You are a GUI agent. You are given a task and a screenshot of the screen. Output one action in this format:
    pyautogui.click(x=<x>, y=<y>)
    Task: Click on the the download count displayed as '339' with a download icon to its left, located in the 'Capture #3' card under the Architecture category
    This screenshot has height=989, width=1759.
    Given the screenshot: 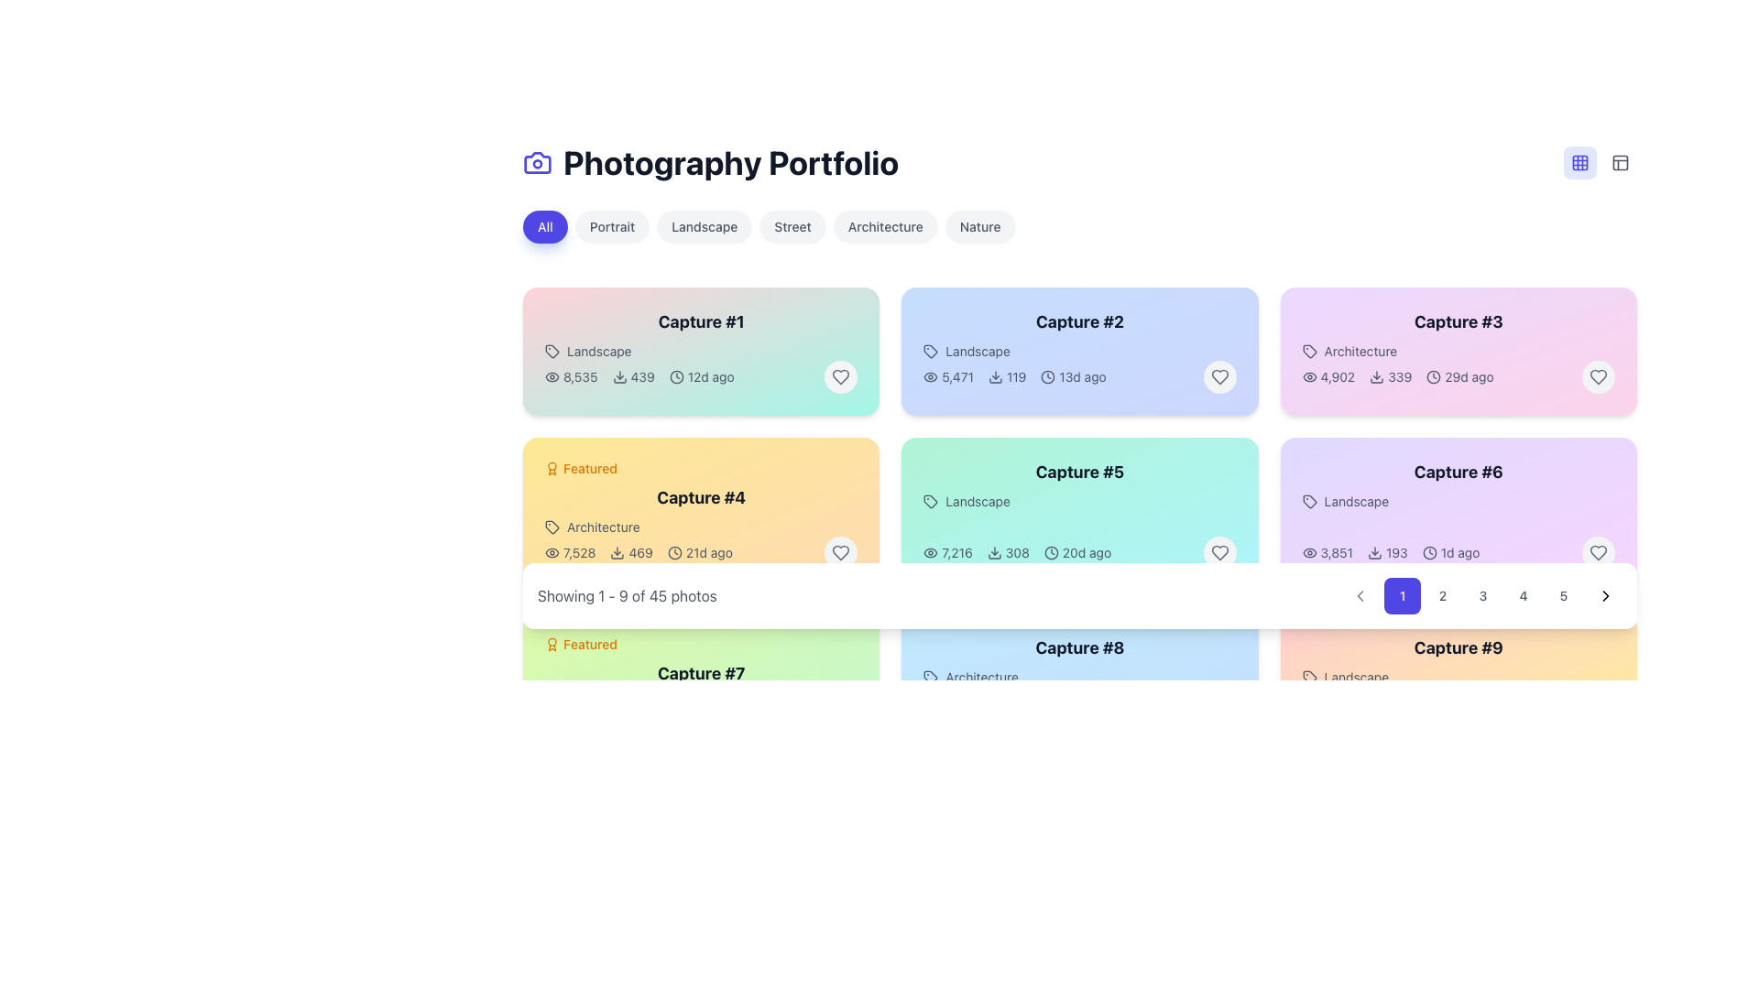 What is the action you would take?
    pyautogui.click(x=1391, y=376)
    